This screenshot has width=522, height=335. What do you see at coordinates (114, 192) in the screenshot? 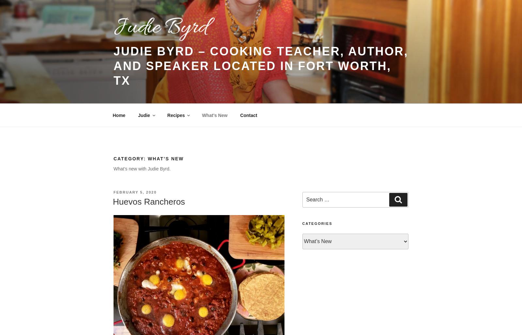
I see `'February 5, 2020'` at bounding box center [114, 192].